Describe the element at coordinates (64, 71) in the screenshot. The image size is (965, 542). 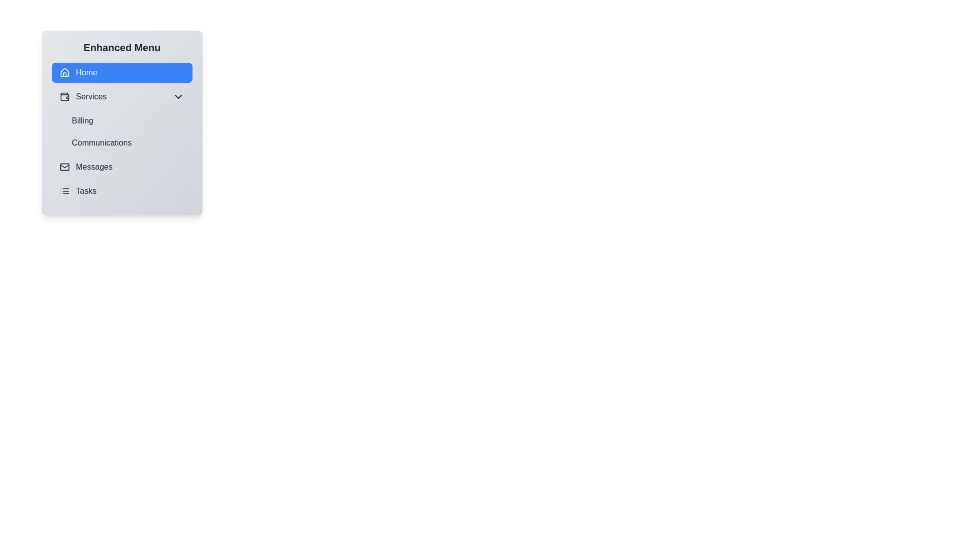
I see `the house-like icon located at the top of the side menu, directly to the left of the text 'Home'` at that location.